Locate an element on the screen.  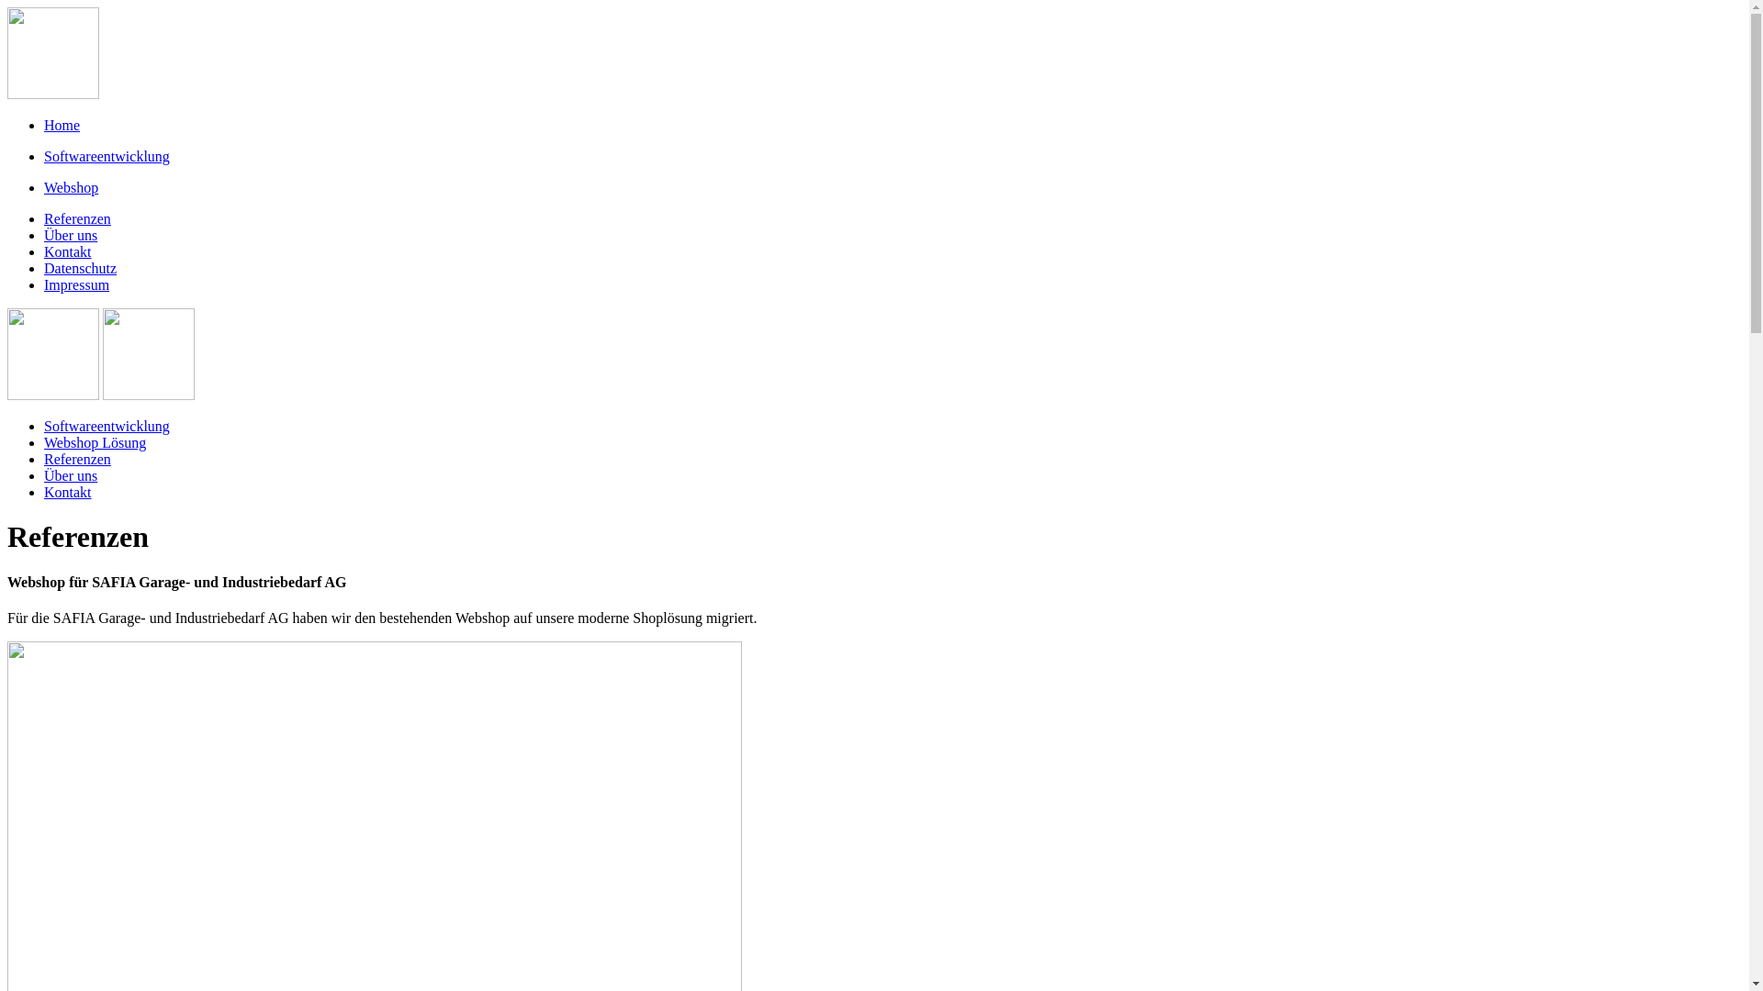
'Referenzen' is located at coordinates (76, 458).